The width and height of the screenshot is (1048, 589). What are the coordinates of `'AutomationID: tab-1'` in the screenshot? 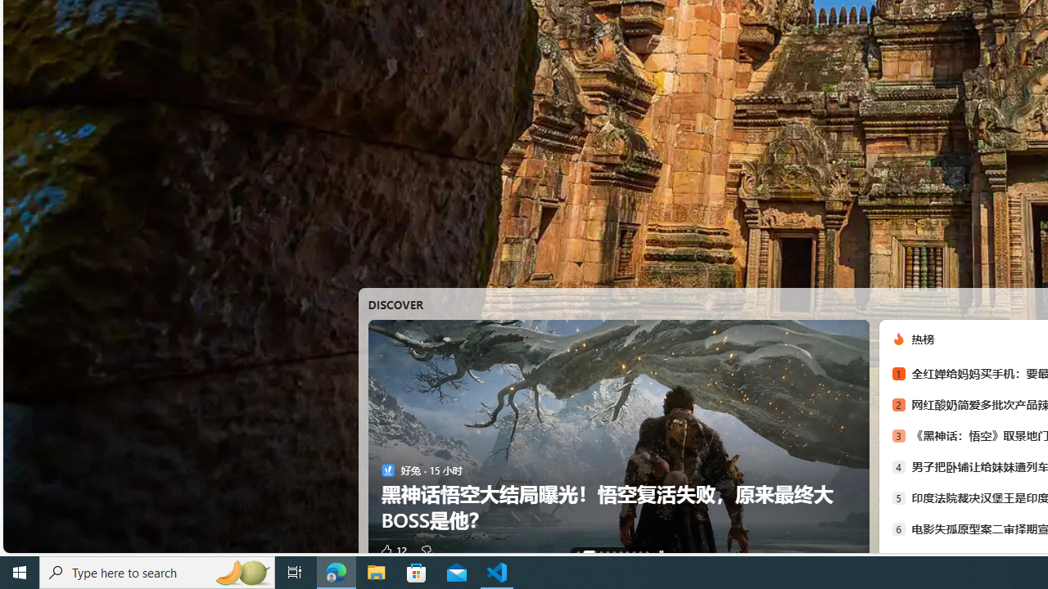 It's located at (585, 552).